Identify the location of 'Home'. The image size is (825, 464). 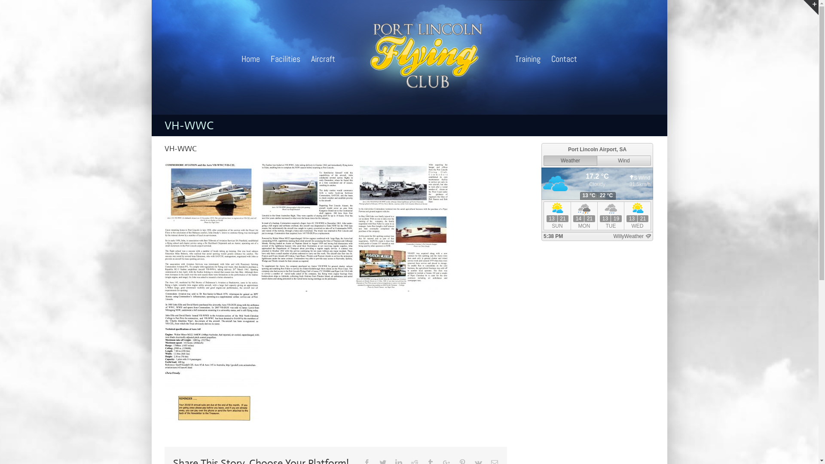
(250, 58).